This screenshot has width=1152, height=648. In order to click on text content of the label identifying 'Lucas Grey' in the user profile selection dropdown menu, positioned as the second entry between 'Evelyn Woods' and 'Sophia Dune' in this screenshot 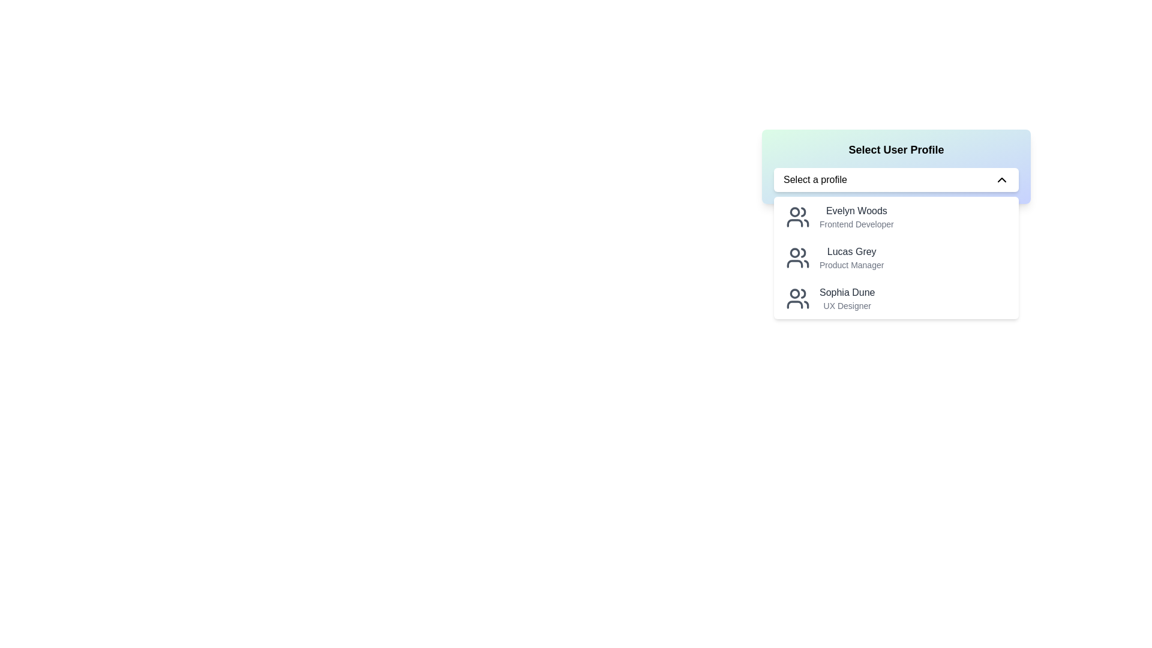, I will do `click(851, 251)`.